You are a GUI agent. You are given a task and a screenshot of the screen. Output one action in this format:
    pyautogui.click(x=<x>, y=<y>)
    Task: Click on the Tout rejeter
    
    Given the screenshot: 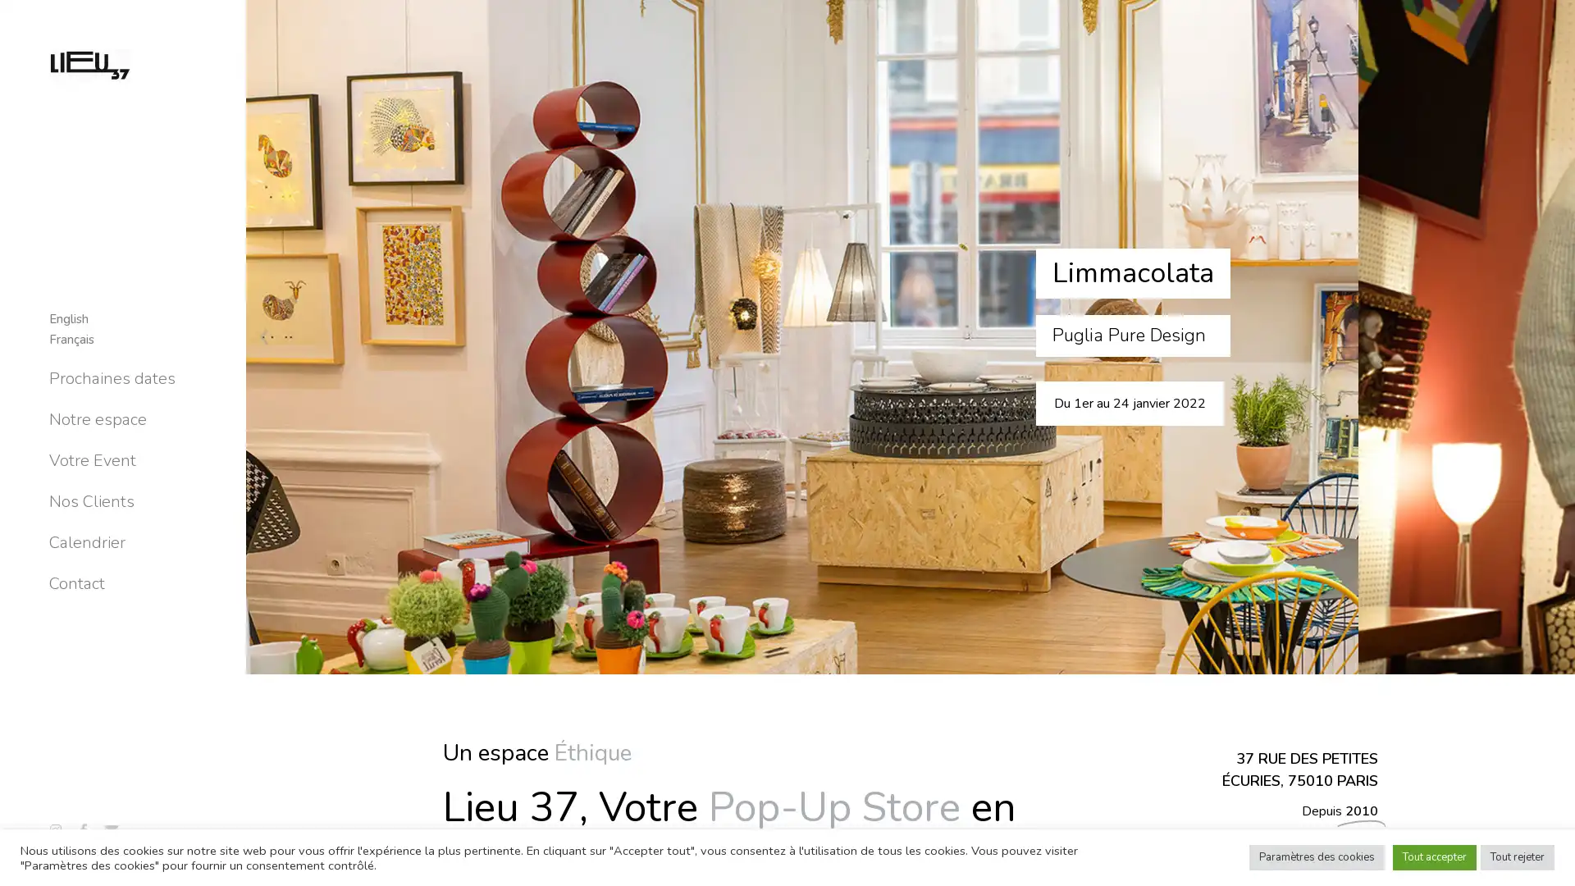 What is the action you would take?
    pyautogui.click(x=1516, y=856)
    